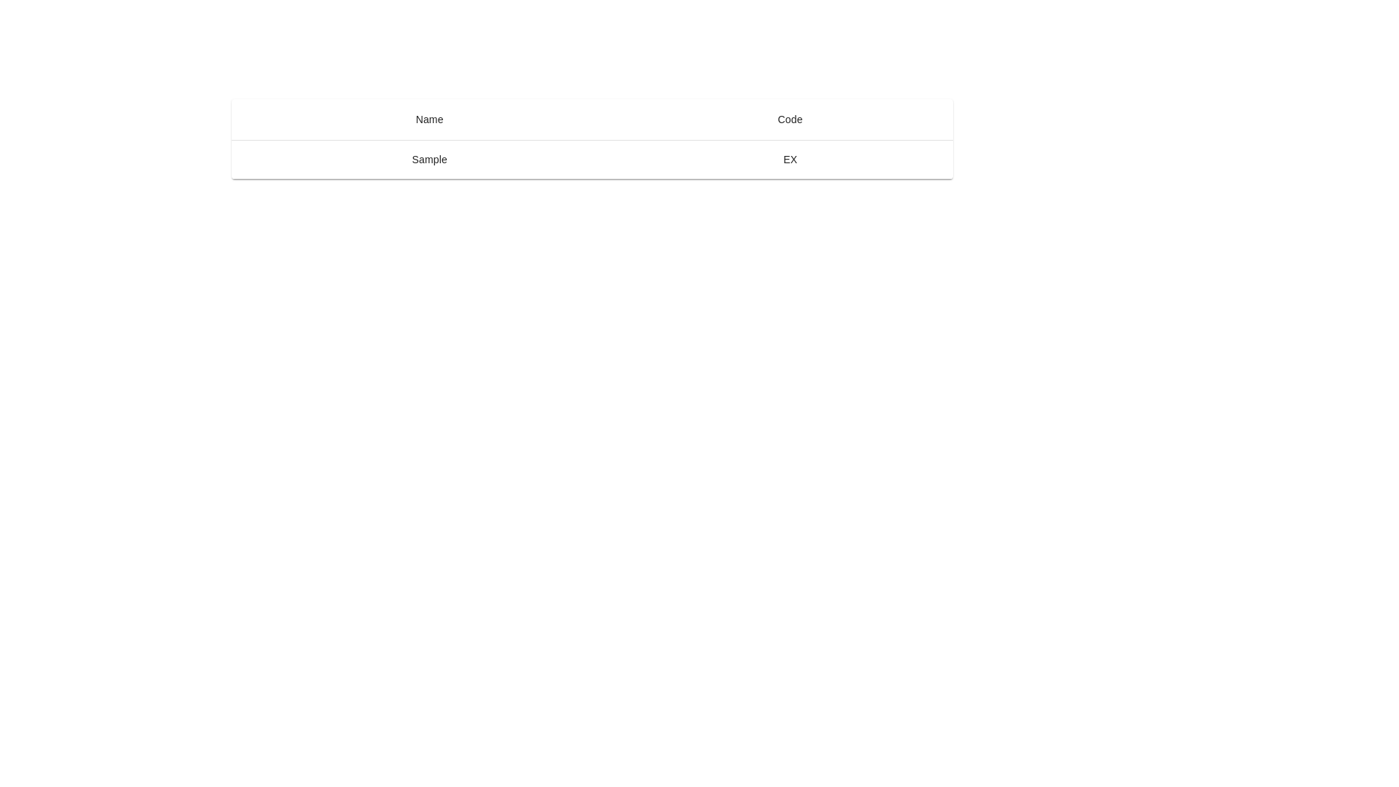 The image size is (1399, 787). I want to click on the Text cell displaying 'Sample' in the table, which is the first cell in the row labeled 'Name', so click(428, 160).